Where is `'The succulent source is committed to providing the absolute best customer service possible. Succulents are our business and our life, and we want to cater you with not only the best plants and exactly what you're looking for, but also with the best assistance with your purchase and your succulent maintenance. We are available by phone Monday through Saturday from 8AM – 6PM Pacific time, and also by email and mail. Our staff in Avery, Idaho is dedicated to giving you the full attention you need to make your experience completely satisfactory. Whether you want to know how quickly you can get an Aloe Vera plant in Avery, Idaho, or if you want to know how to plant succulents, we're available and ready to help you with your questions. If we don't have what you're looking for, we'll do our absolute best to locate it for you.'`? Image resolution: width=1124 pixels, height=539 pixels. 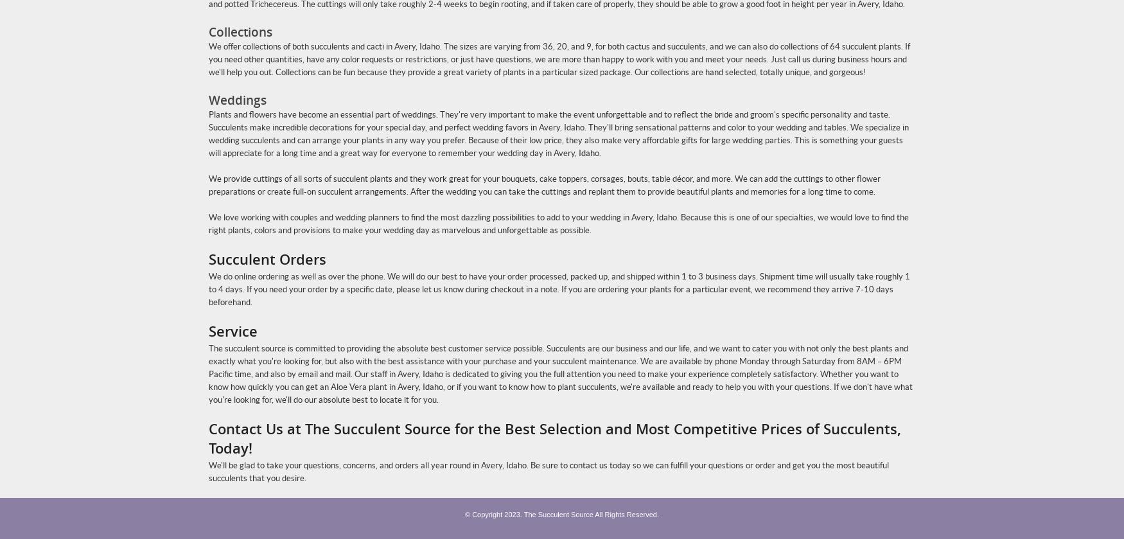
'The succulent source is committed to providing the absolute best customer service possible. Succulents are our business and our life, and we want to cater you with not only the best plants and exactly what you're looking for, but also with the best assistance with your purchase and your succulent maintenance. We are available by phone Monday through Saturday from 8AM – 6PM Pacific time, and also by email and mail. Our staff in Avery, Idaho is dedicated to giving you the full attention you need to make your experience completely satisfactory. Whether you want to know how quickly you can get an Aloe Vera plant in Avery, Idaho, or if you want to know how to plant succulents, we're available and ready to help you with your questions. If we don't have what you're looking for, we'll do our absolute best to locate it for you.' is located at coordinates (561, 373).